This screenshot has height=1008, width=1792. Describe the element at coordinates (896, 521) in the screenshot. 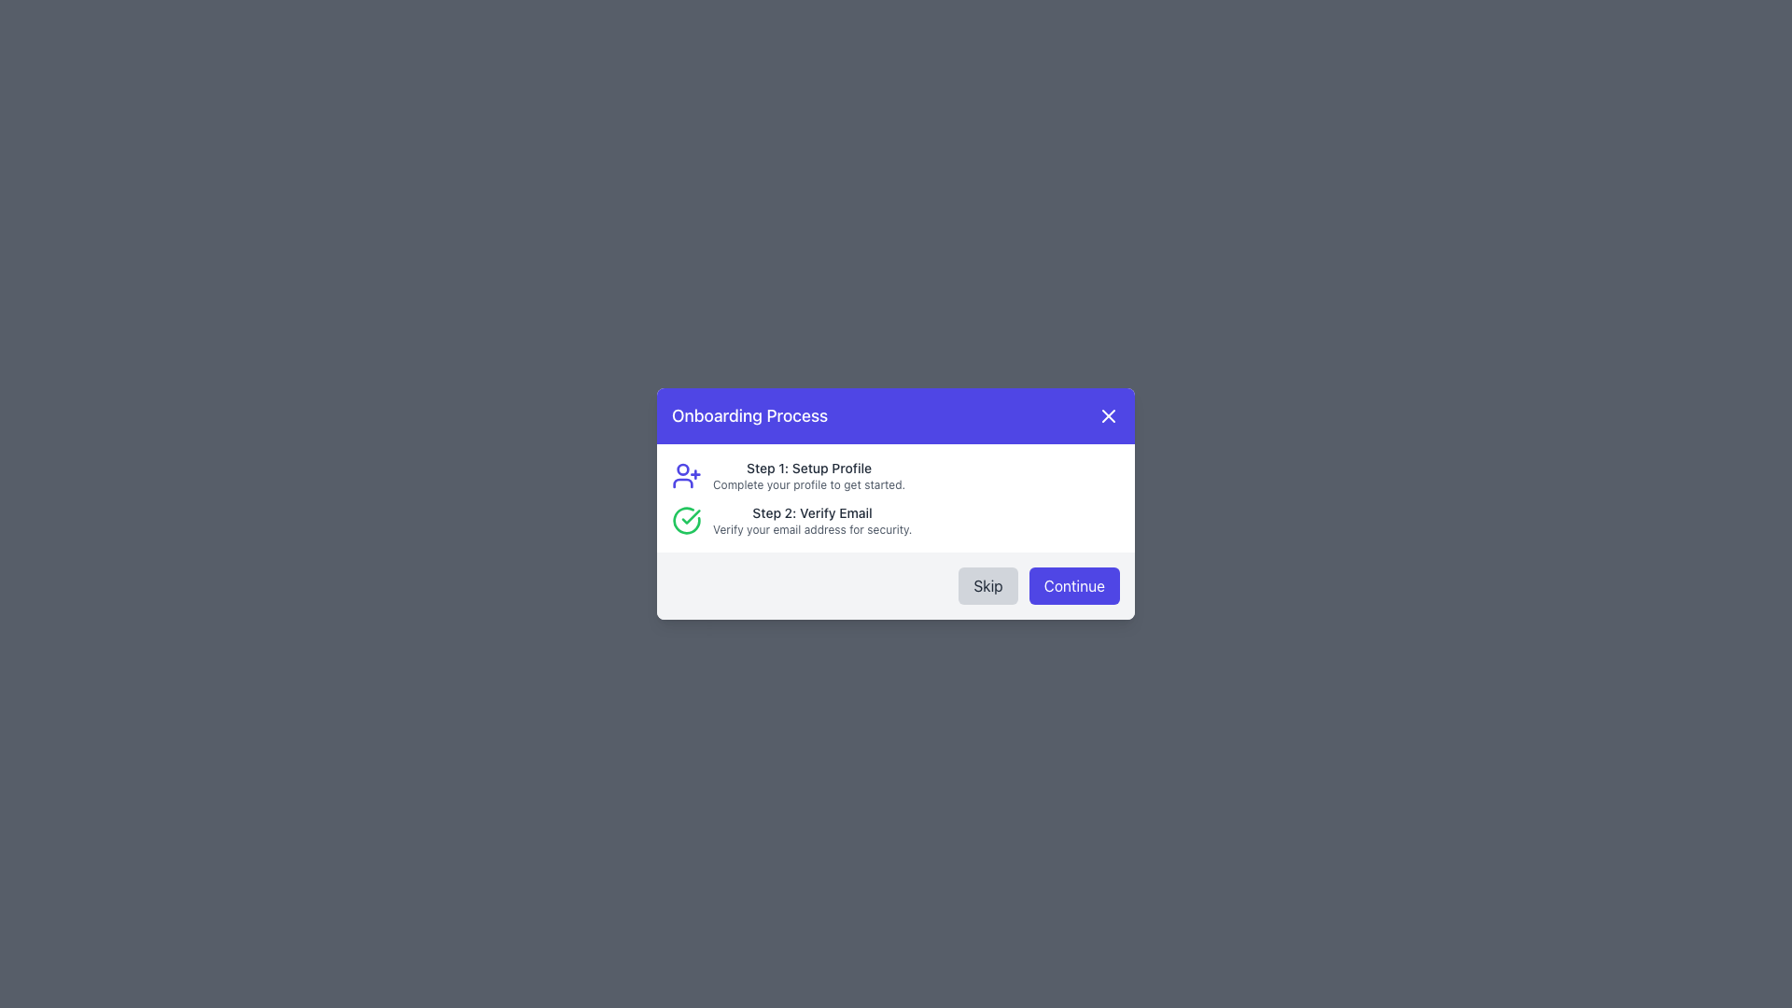

I see `the non-interactive informational component that informs the user about the second step in the onboarding process, which is verifying their email address` at that location.